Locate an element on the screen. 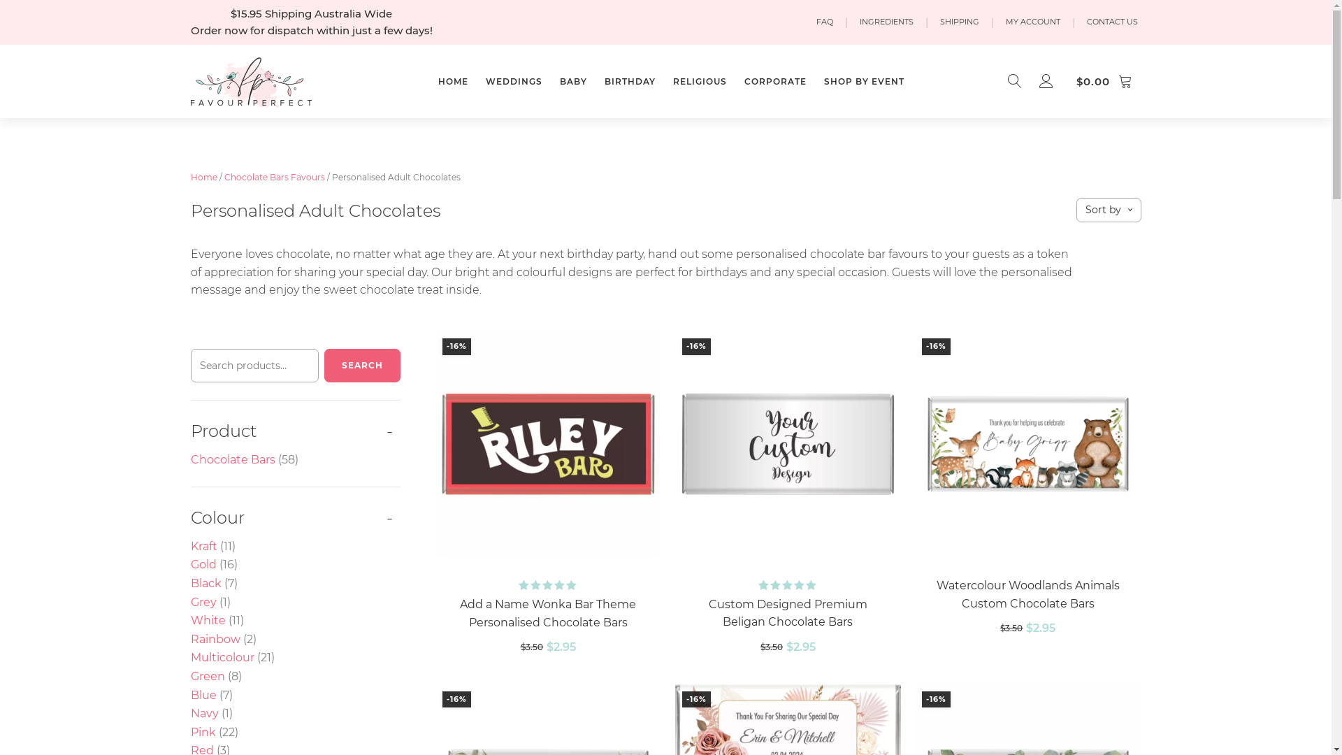 This screenshot has height=755, width=1342. 'FAQ' is located at coordinates (824, 22).